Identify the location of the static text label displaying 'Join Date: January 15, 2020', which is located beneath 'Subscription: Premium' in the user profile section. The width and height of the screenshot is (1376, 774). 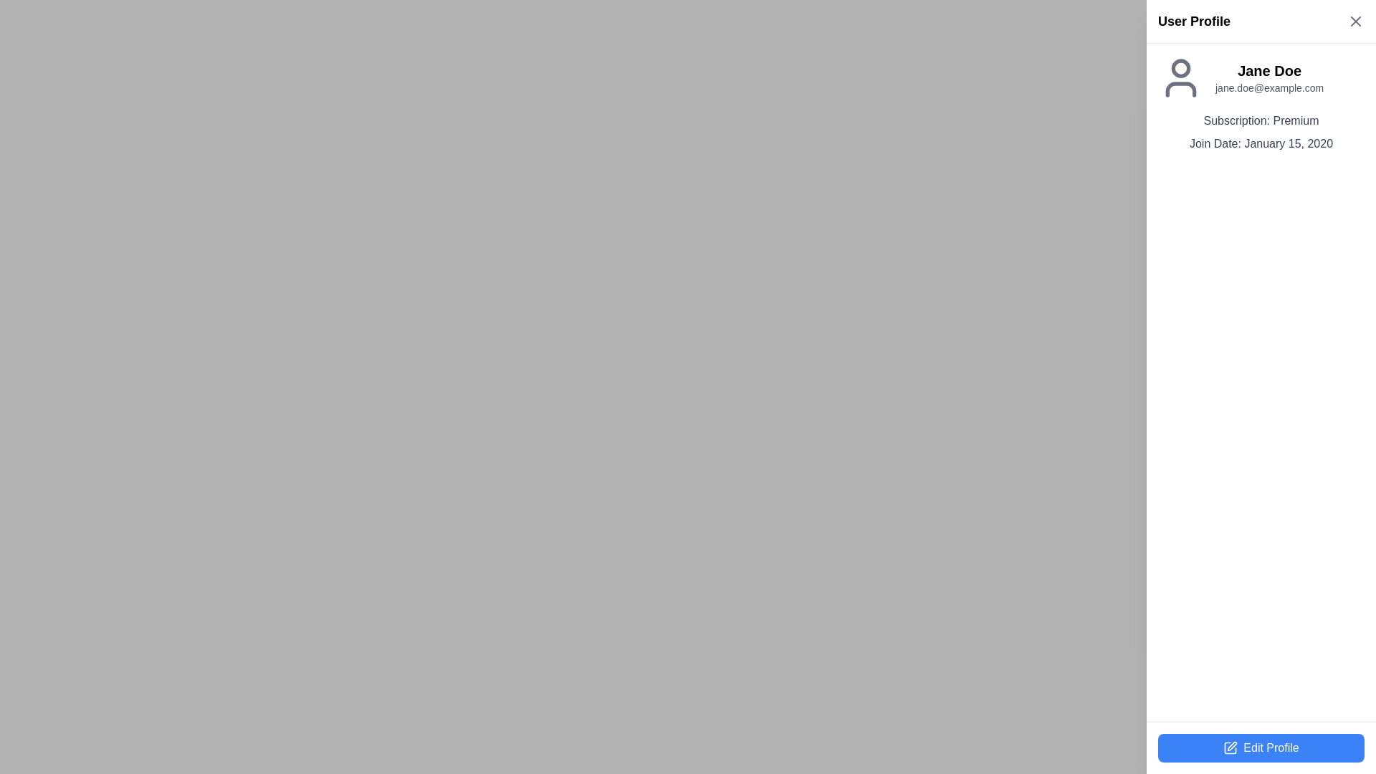
(1261, 143).